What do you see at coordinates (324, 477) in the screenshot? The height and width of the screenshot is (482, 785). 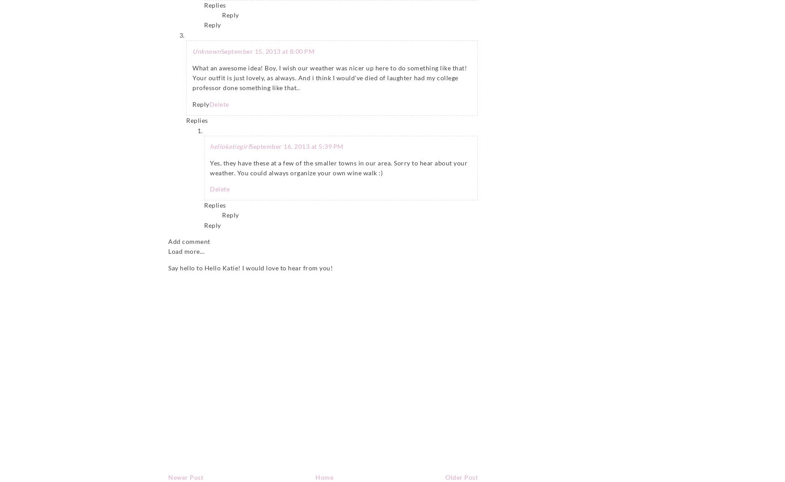 I see `'Home'` at bounding box center [324, 477].